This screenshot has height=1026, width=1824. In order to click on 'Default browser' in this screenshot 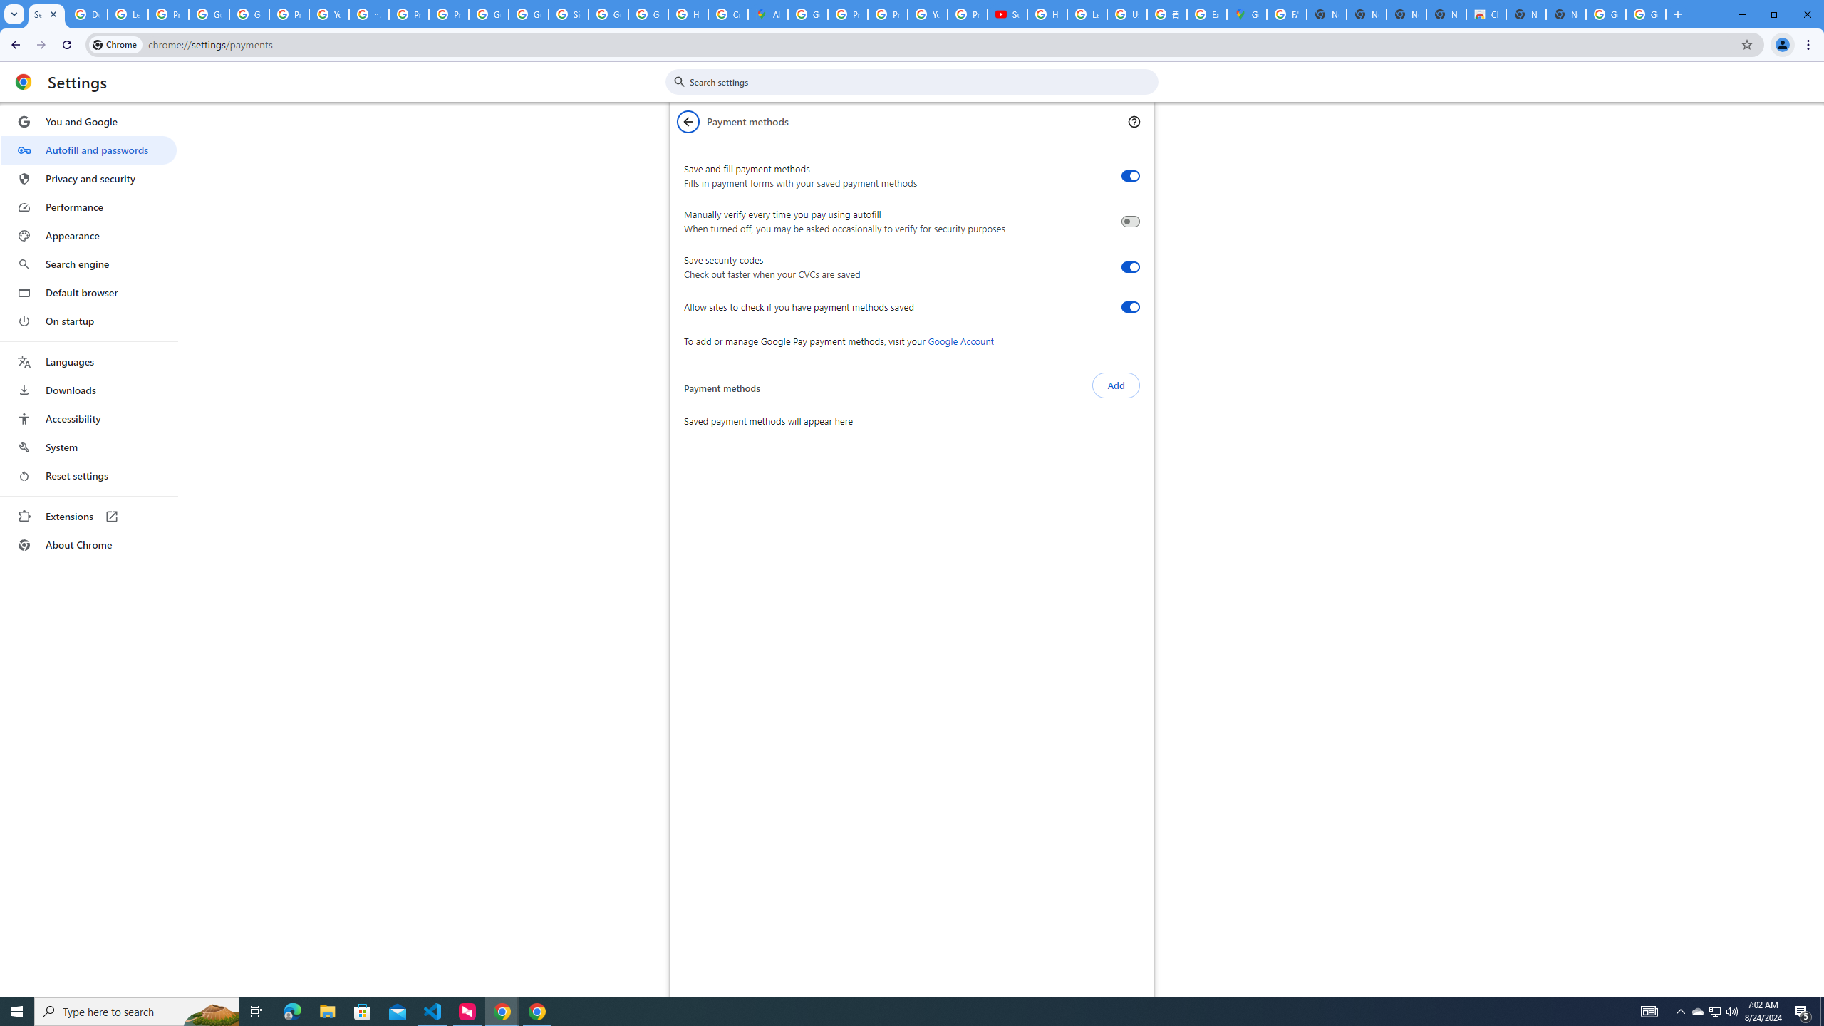, I will do `click(88, 292)`.